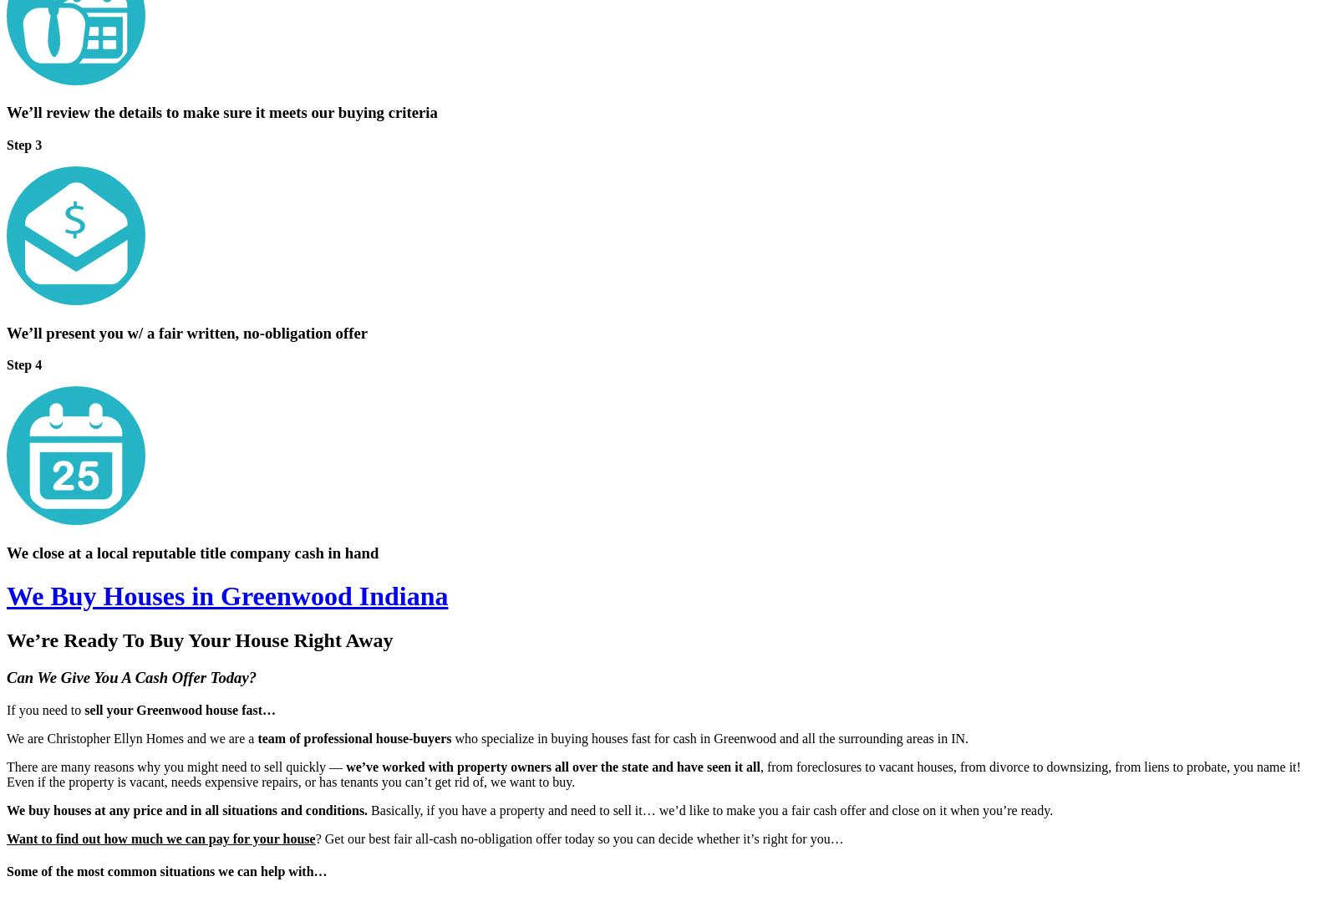  What do you see at coordinates (6, 773) in the screenshot?
I see `', from foreclosures to vacant houses, from divorce to downsizing, from liens to probate, you name it! Even if the property is vacant, needs expensive repairs, or has tenants you can’t get rid of, we want to buy.'` at bounding box center [6, 773].